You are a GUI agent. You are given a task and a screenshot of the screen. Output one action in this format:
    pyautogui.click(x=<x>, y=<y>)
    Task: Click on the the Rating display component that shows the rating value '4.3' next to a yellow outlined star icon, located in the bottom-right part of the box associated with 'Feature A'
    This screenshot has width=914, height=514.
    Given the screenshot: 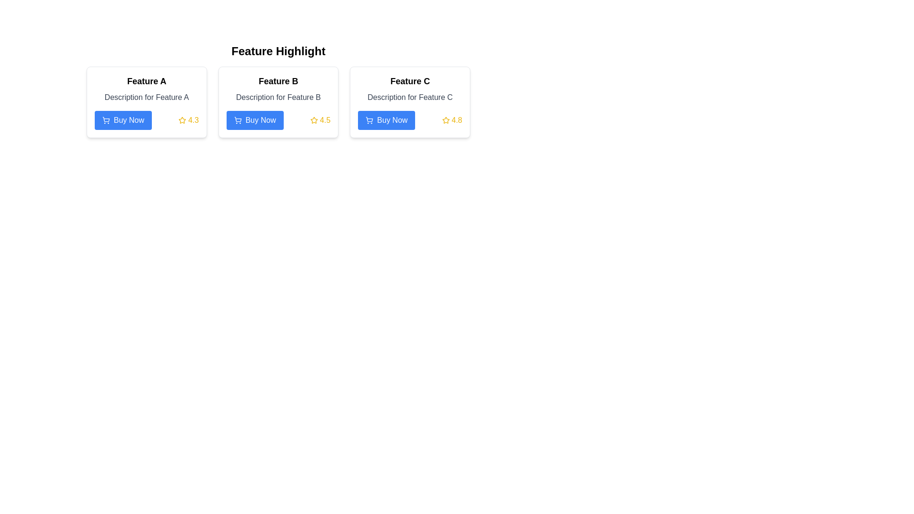 What is the action you would take?
    pyautogui.click(x=189, y=120)
    